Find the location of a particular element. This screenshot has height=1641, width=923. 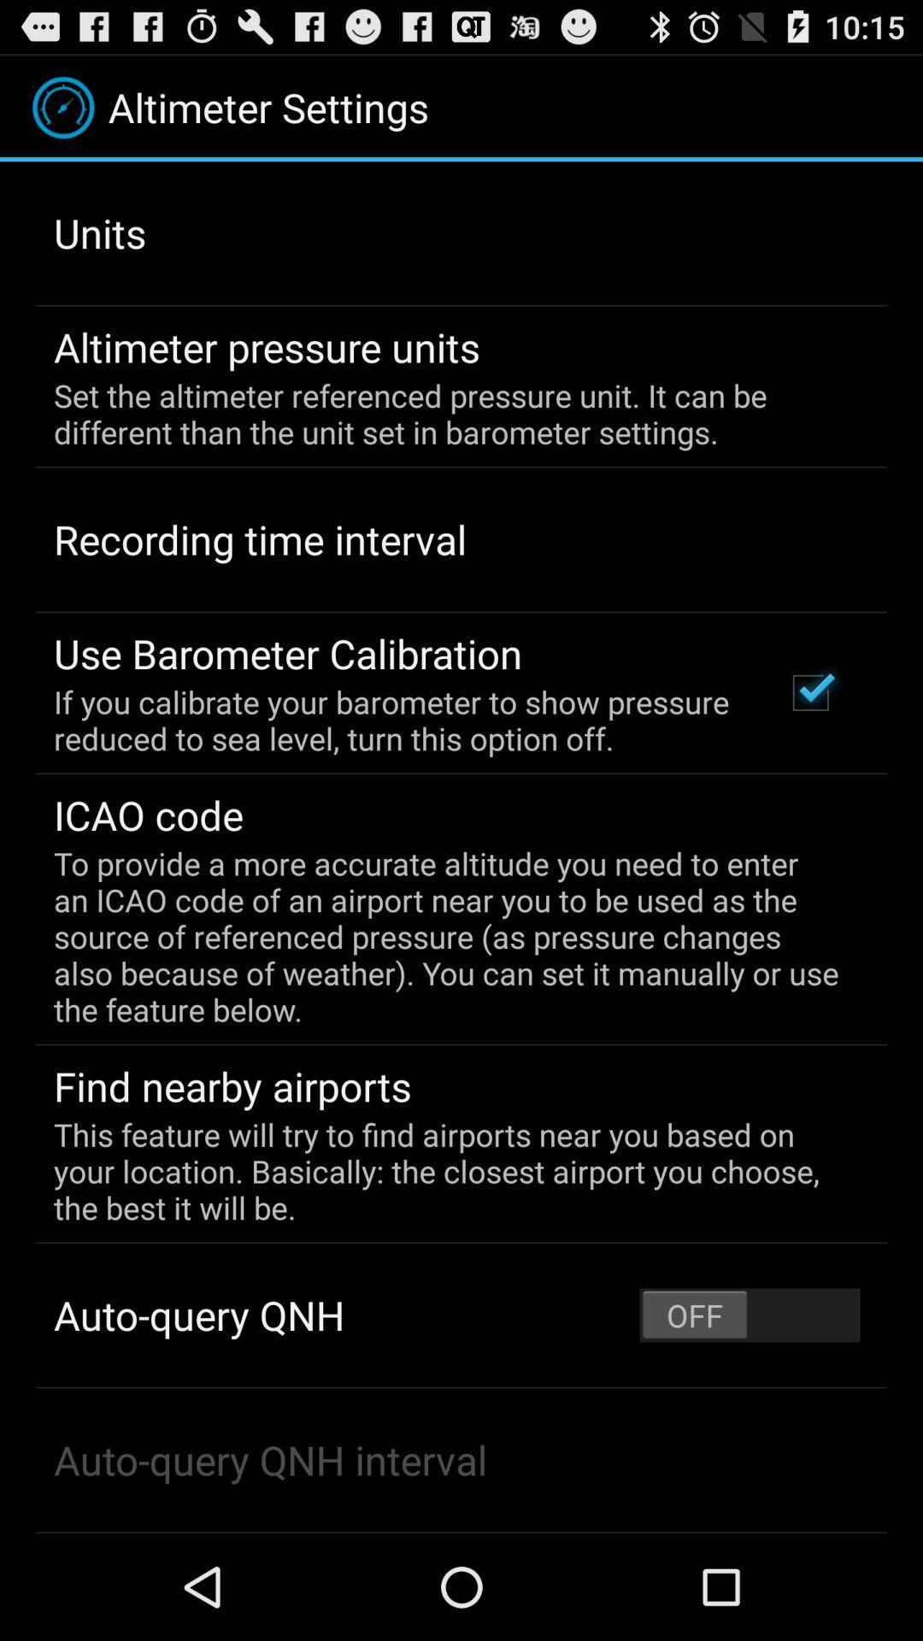

the icon next to the auto-query qnh app is located at coordinates (749, 1315).